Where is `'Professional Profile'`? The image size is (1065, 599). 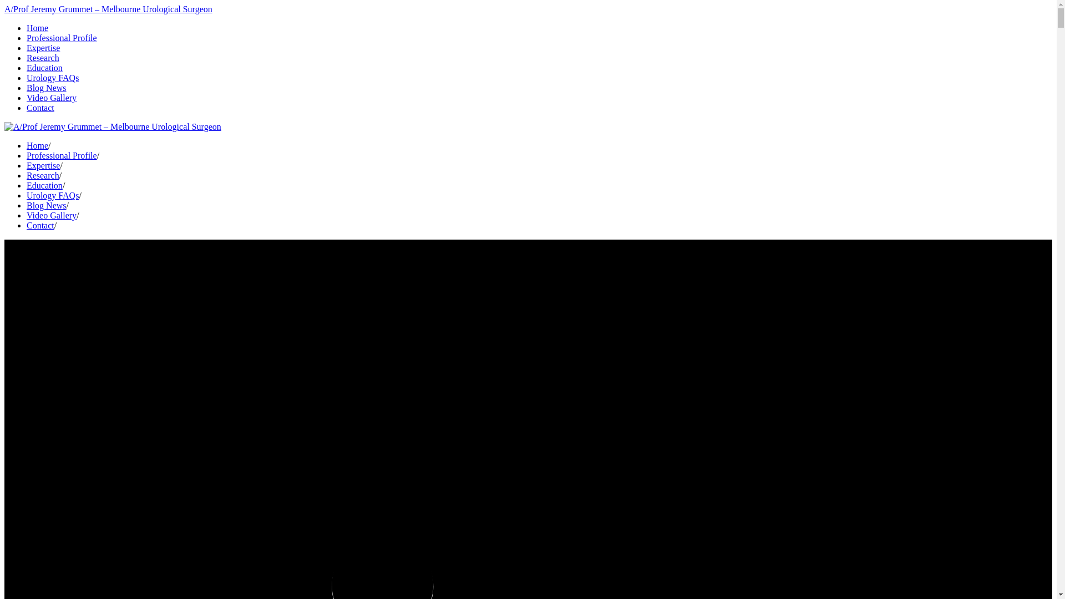
'Professional Profile' is located at coordinates (61, 155).